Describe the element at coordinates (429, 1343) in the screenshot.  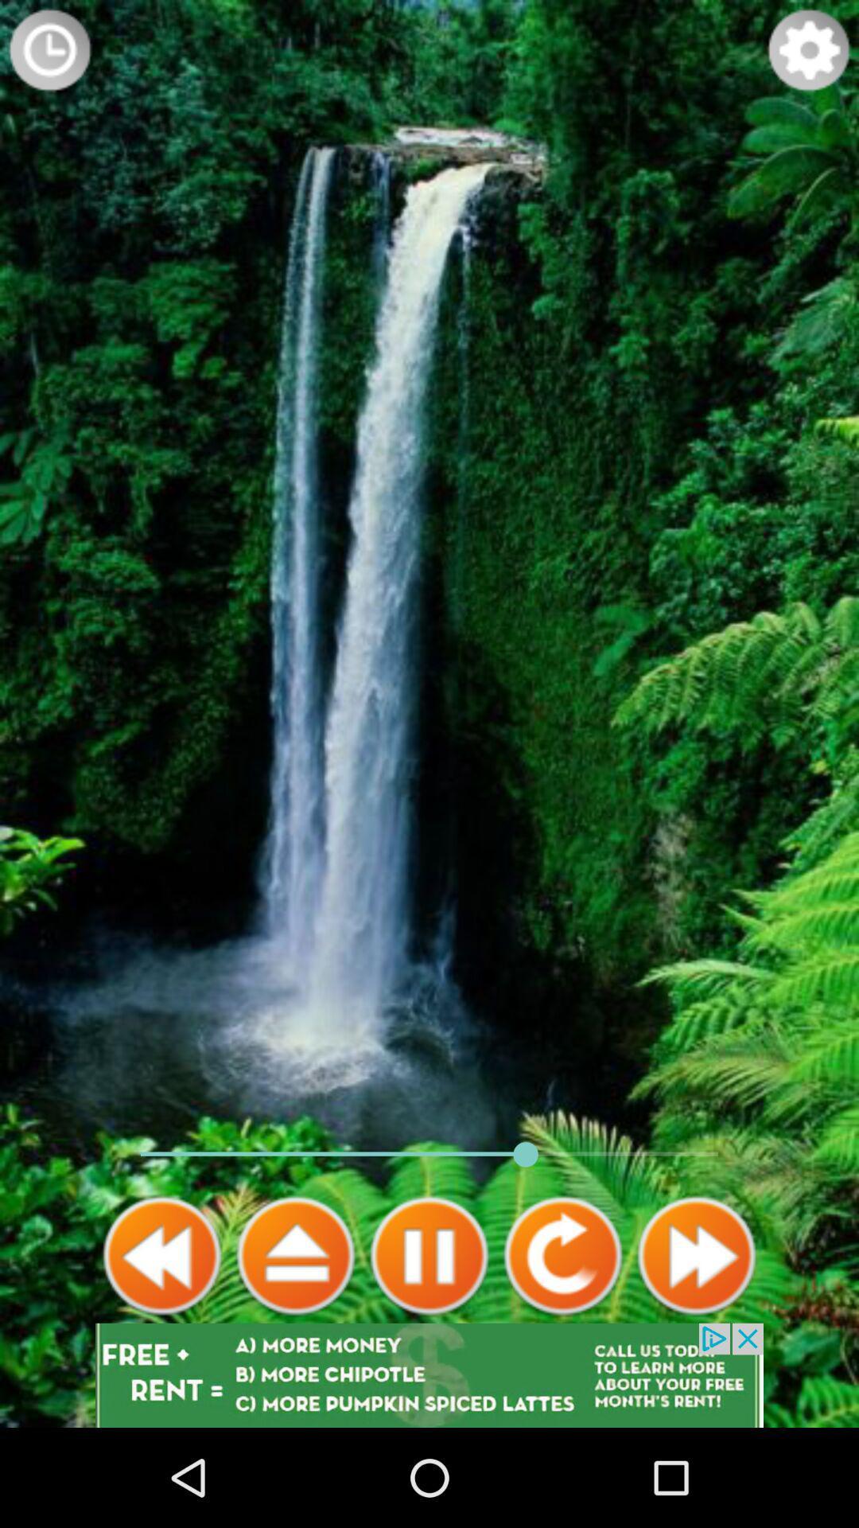
I see `the pause icon` at that location.